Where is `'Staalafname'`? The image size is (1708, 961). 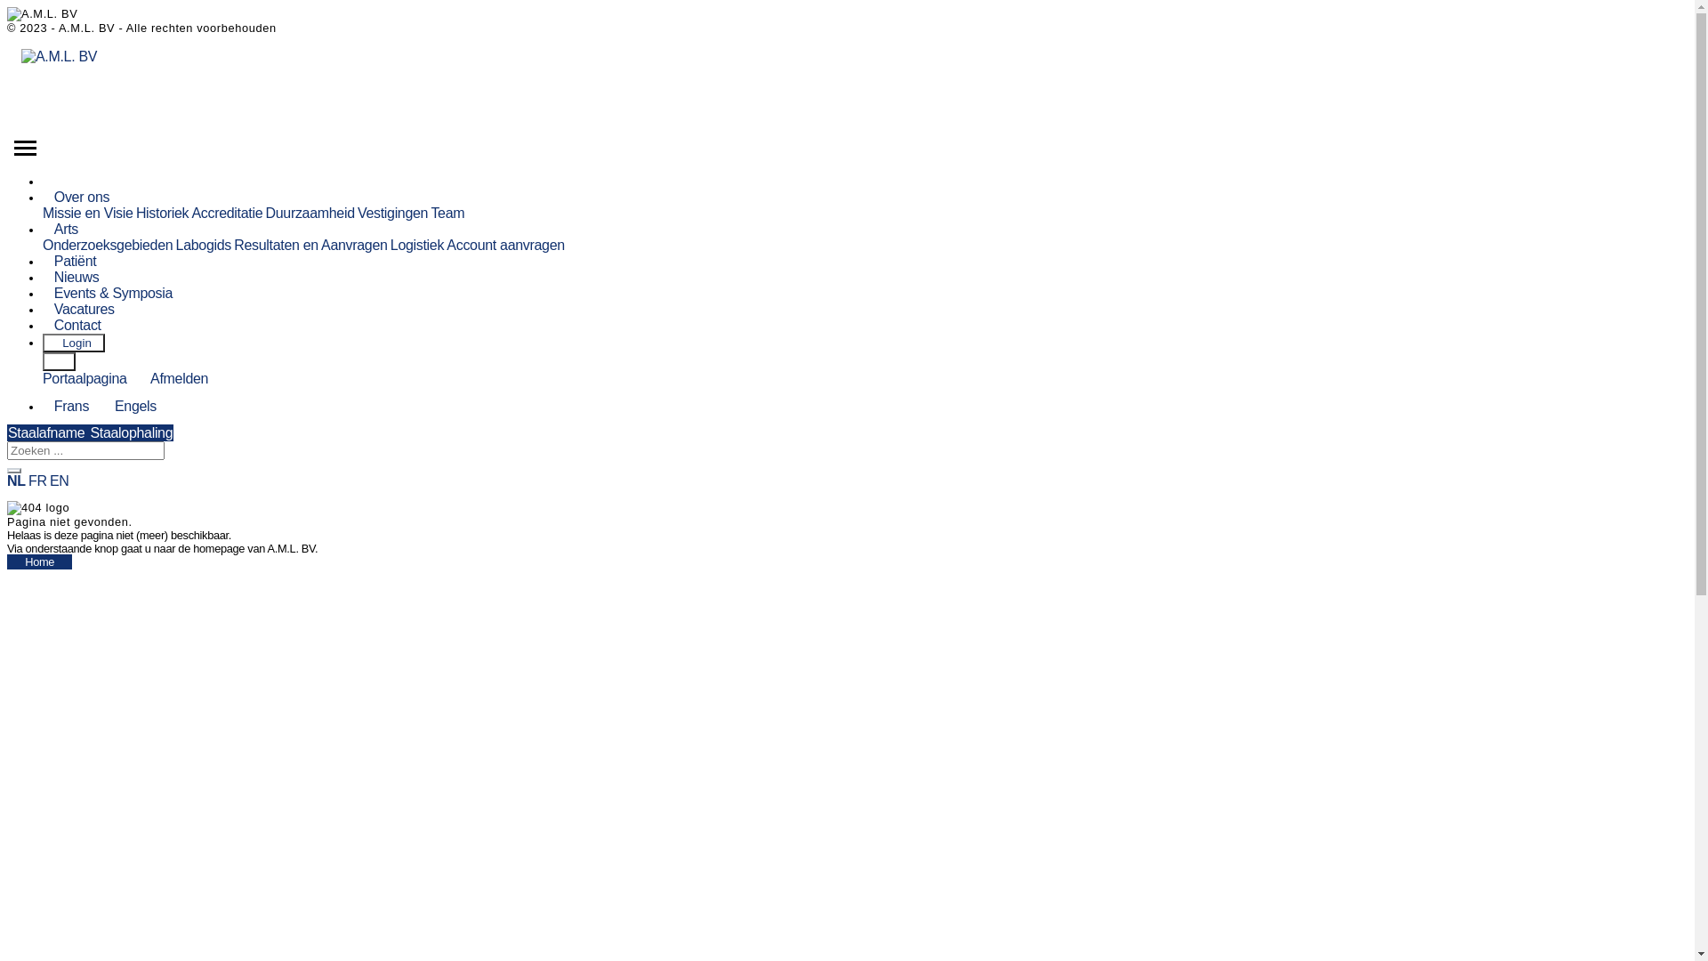 'Staalafname' is located at coordinates (47, 432).